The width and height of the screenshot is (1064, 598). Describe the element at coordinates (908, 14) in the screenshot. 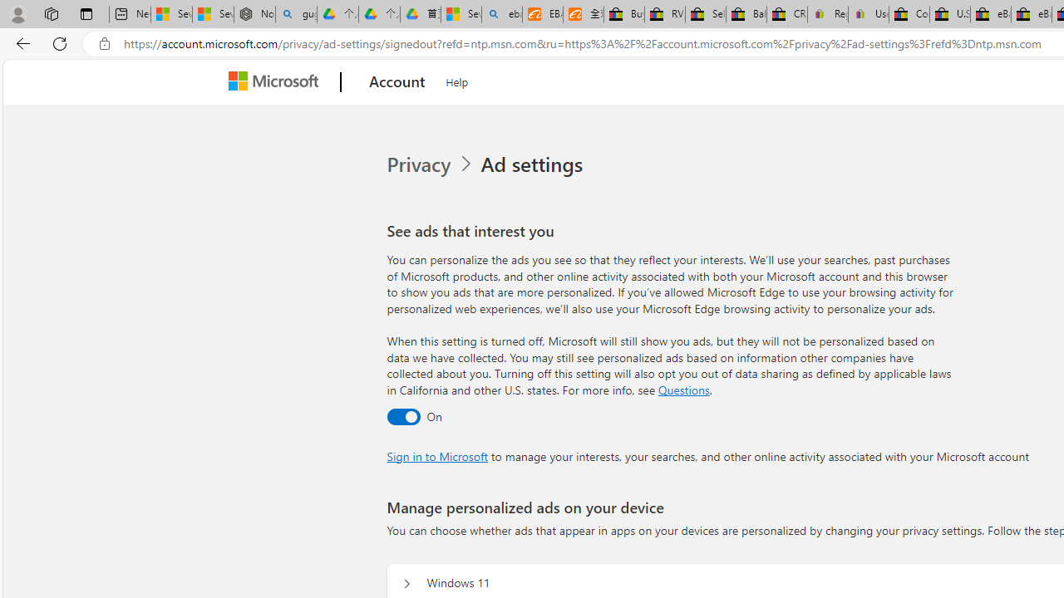

I see `'Consumer Health Data Privacy Policy - eBay Inc.'` at that location.